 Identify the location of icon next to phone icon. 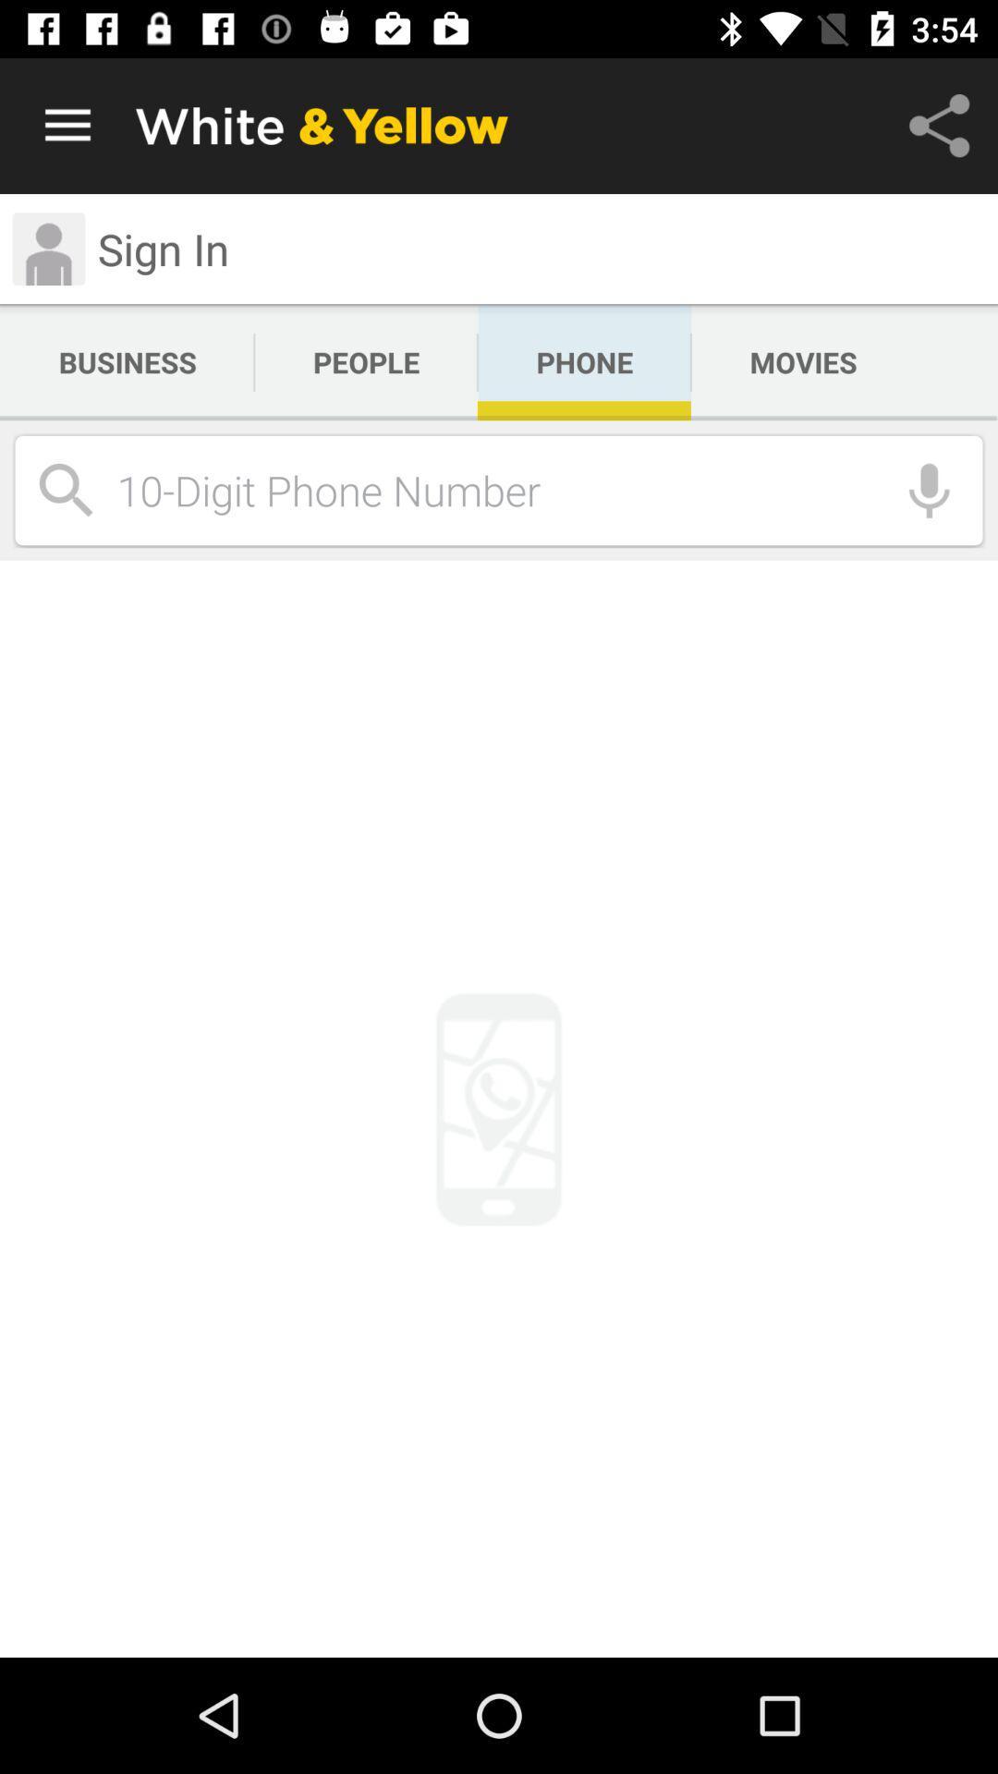
(366, 362).